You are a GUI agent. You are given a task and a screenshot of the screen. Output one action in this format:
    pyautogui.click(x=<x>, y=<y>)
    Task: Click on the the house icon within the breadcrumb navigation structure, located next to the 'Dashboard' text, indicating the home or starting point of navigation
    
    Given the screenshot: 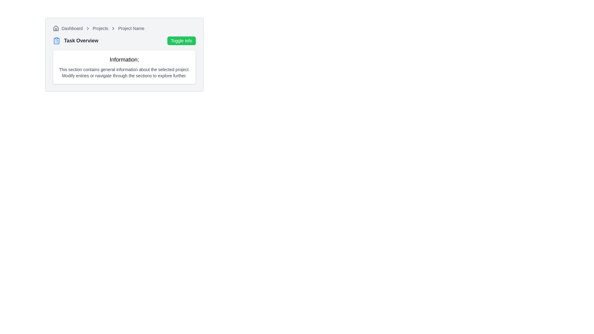 What is the action you would take?
    pyautogui.click(x=56, y=28)
    